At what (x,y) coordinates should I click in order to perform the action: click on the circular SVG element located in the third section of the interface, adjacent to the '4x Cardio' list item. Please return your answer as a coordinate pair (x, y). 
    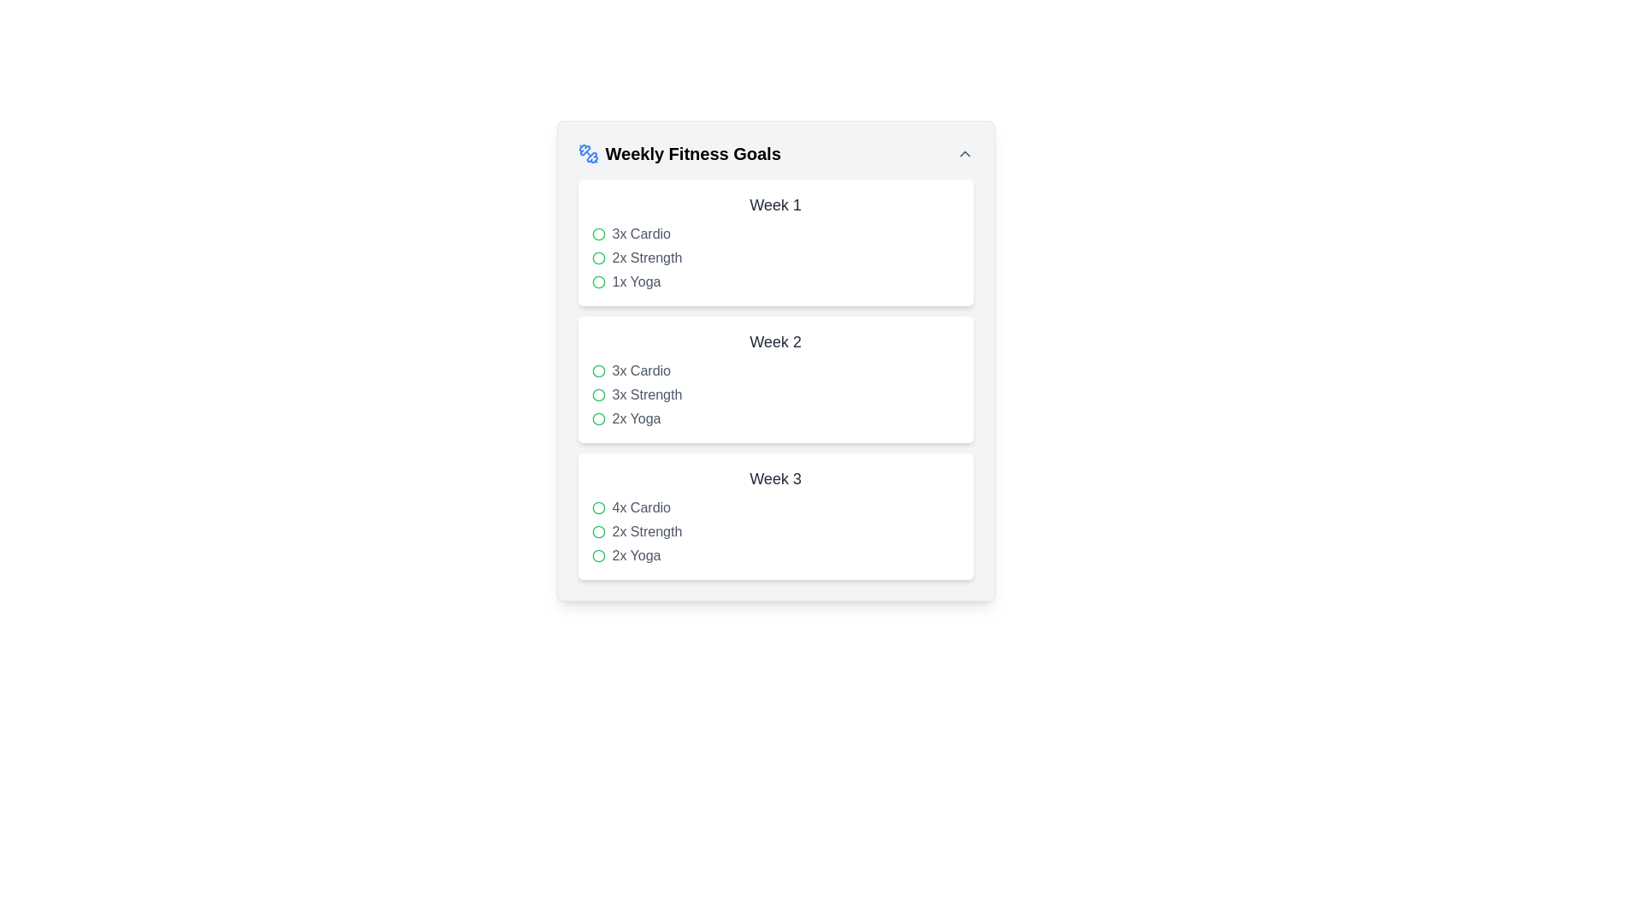
    Looking at the image, I should click on (598, 507).